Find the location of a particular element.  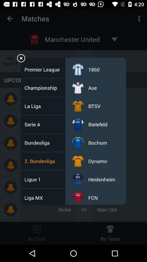

icon above the dynamo icon is located at coordinates (97, 142).